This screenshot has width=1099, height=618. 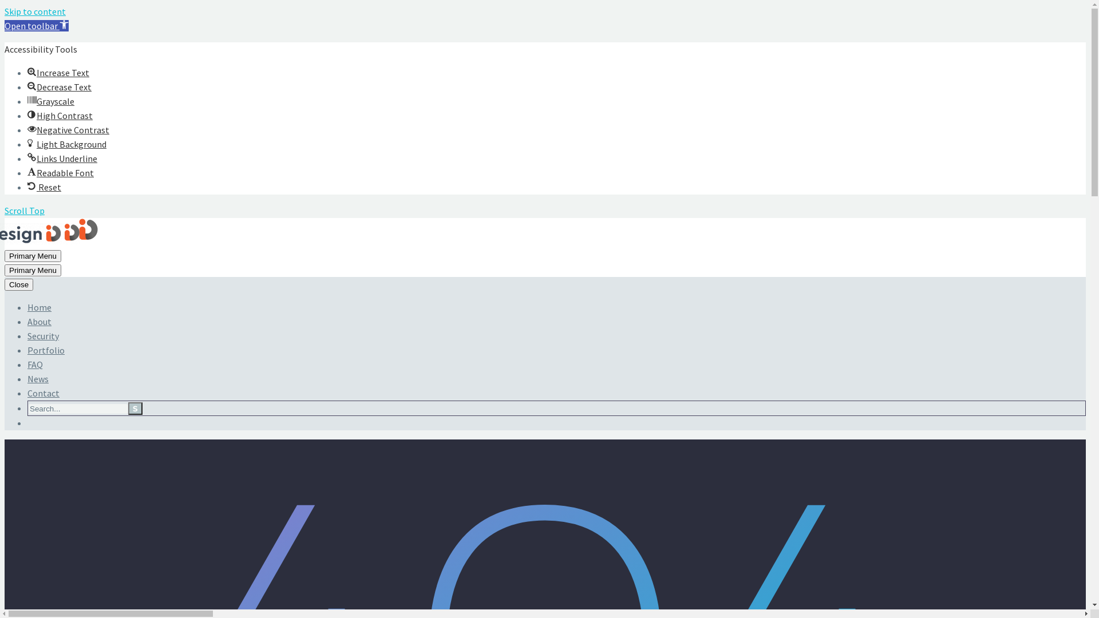 What do you see at coordinates (36, 26) in the screenshot?
I see `'Open toolbar Accessibility Tools'` at bounding box center [36, 26].